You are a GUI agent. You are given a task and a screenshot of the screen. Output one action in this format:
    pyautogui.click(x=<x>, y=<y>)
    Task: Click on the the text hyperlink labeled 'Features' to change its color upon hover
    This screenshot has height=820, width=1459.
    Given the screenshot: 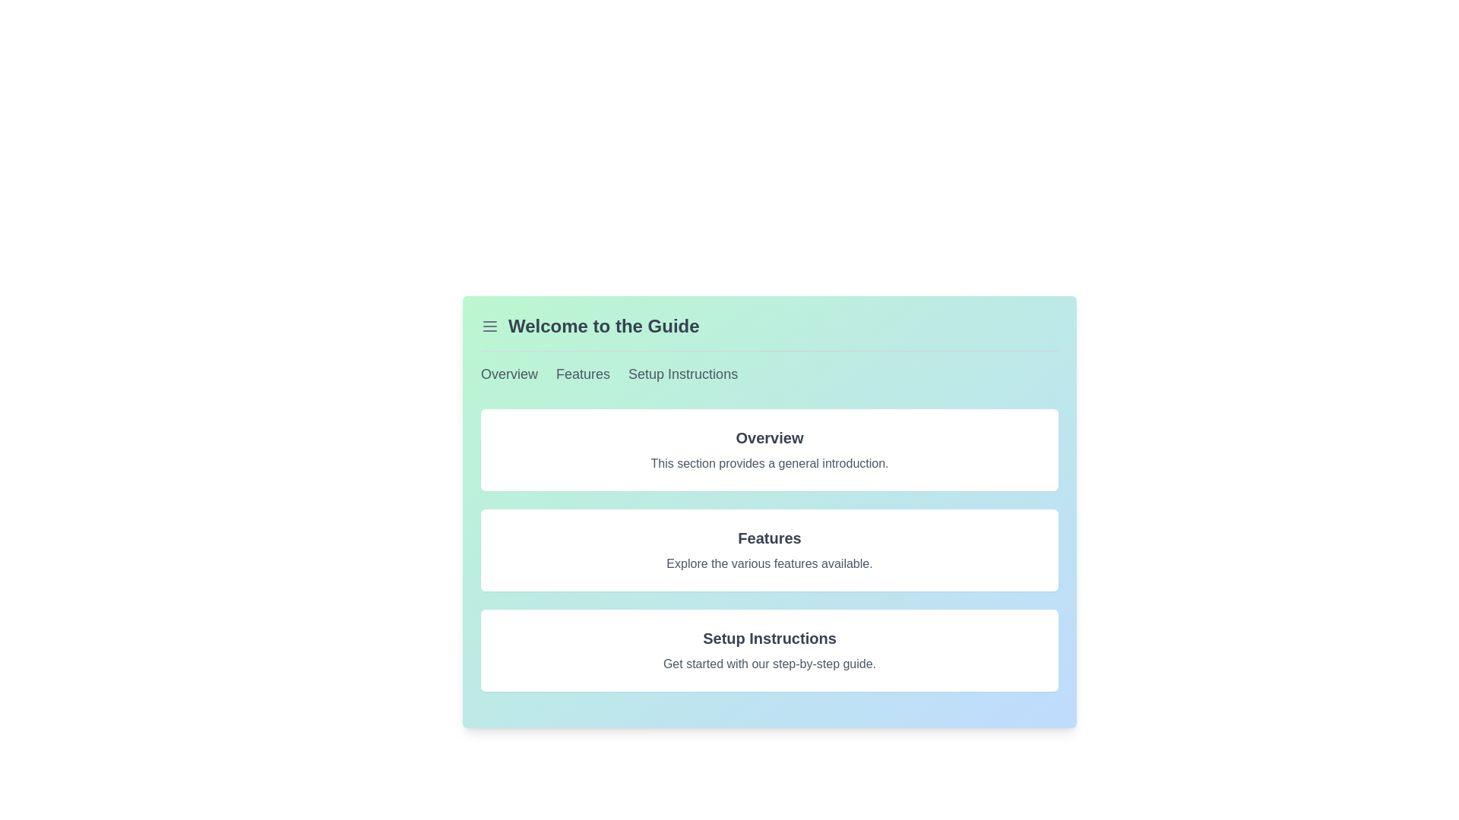 What is the action you would take?
    pyautogui.click(x=582, y=374)
    